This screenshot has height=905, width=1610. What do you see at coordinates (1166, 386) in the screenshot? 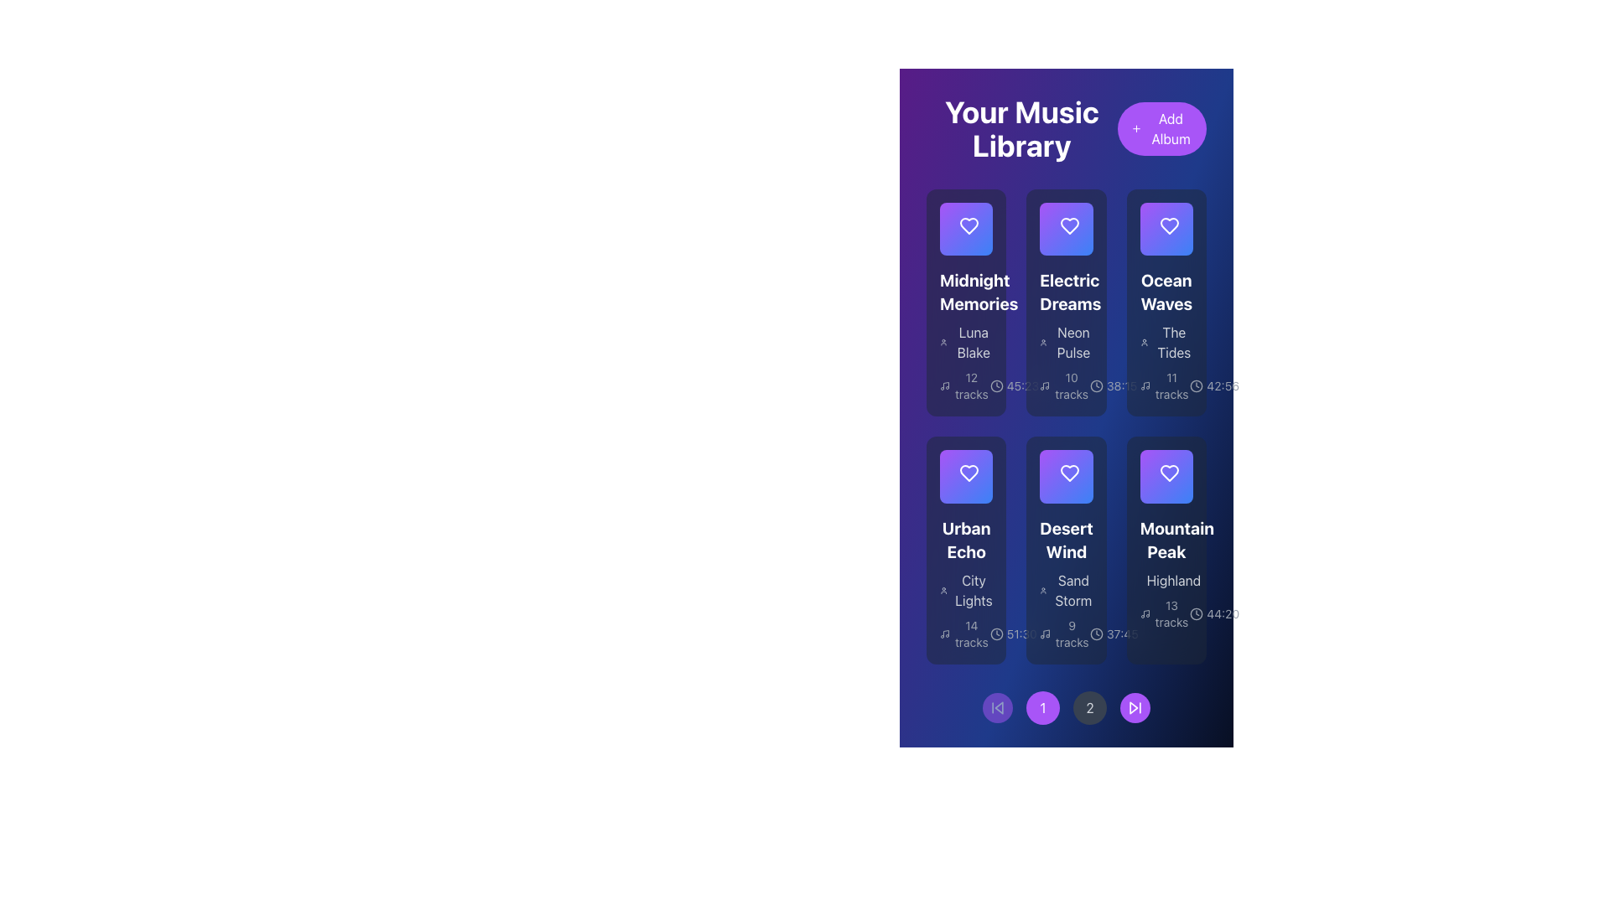
I see `the text label indicating the number of tracks in the "Ocean Waves" album, which is located at the bottom of the third column in the grid layout of music albums` at bounding box center [1166, 386].